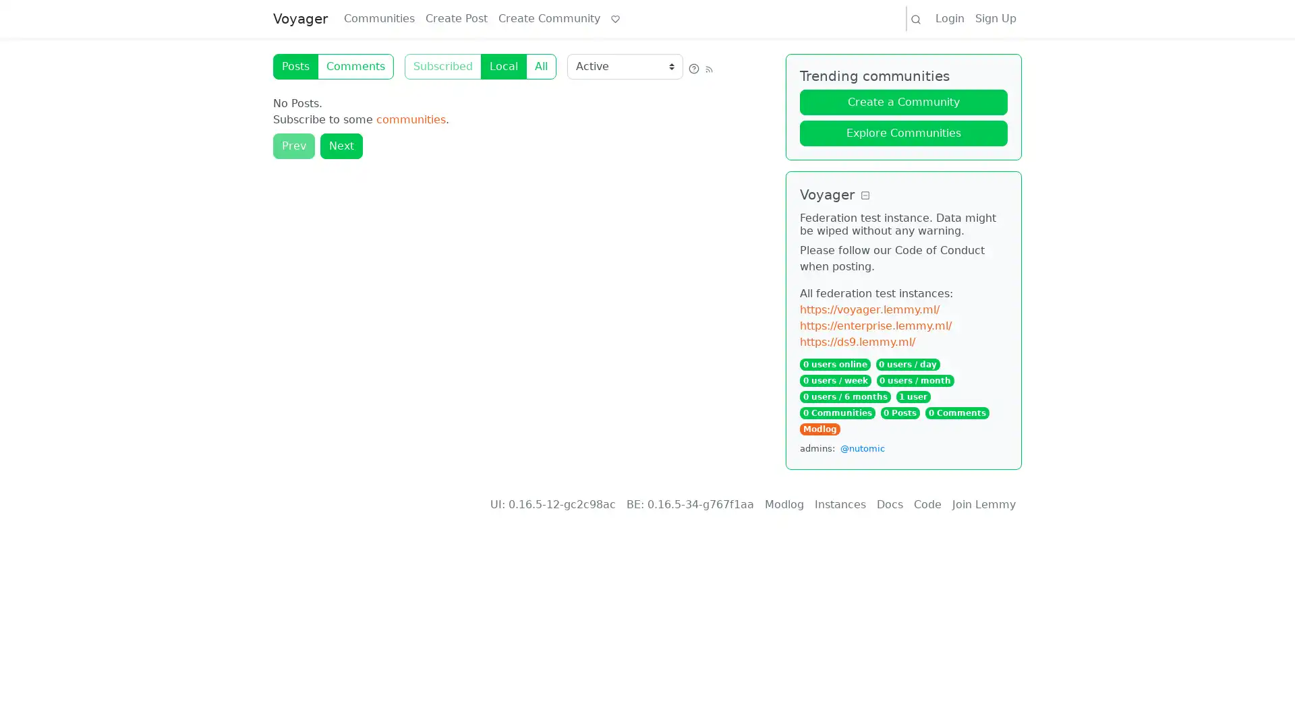  What do you see at coordinates (341, 146) in the screenshot?
I see `Next` at bounding box center [341, 146].